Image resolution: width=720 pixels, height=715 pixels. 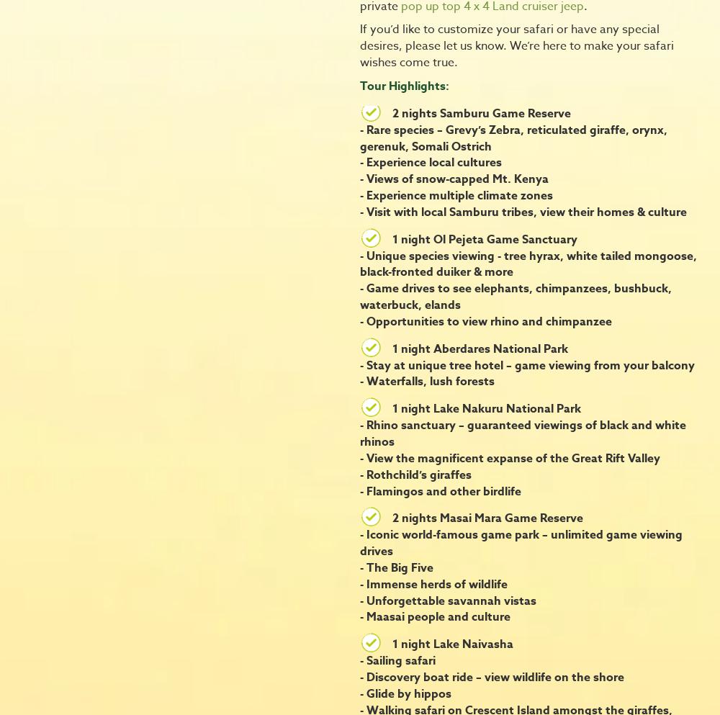 What do you see at coordinates (434, 616) in the screenshot?
I see `'- Maasai  people and culture'` at bounding box center [434, 616].